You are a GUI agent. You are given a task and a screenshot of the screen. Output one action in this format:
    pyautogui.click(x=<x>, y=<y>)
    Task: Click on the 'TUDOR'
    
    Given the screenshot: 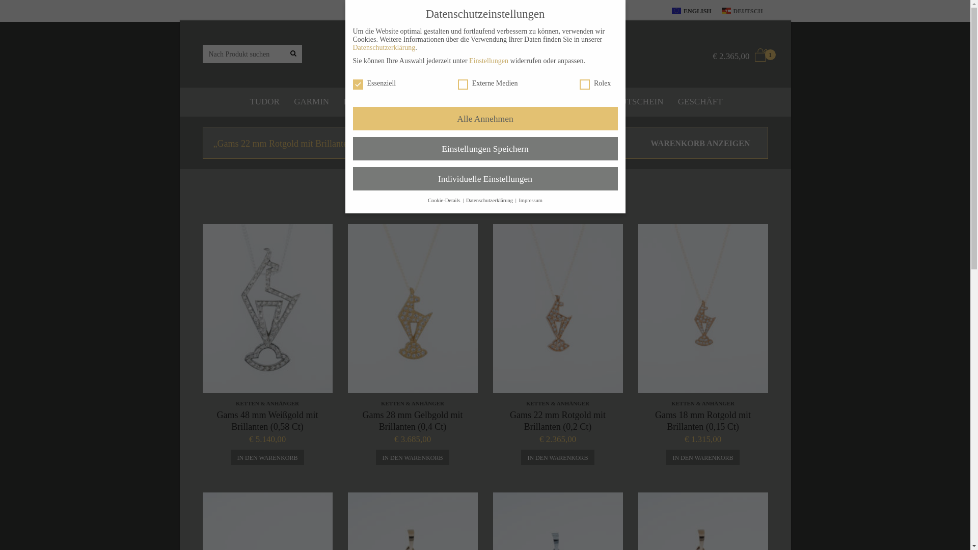 What is the action you would take?
    pyautogui.click(x=249, y=101)
    